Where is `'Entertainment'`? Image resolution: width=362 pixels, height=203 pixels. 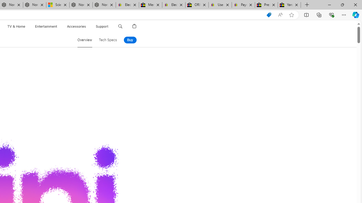 'Entertainment' is located at coordinates (46, 26).